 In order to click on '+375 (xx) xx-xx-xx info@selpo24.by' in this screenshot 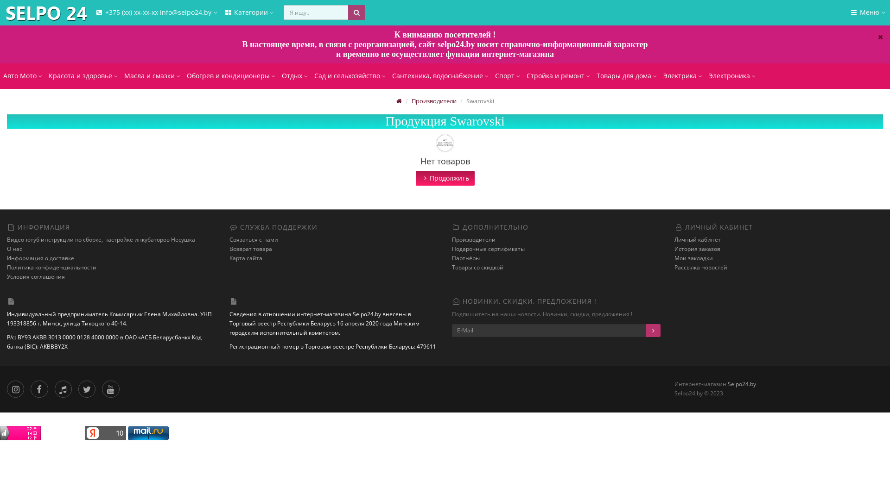, I will do `click(156, 12)`.